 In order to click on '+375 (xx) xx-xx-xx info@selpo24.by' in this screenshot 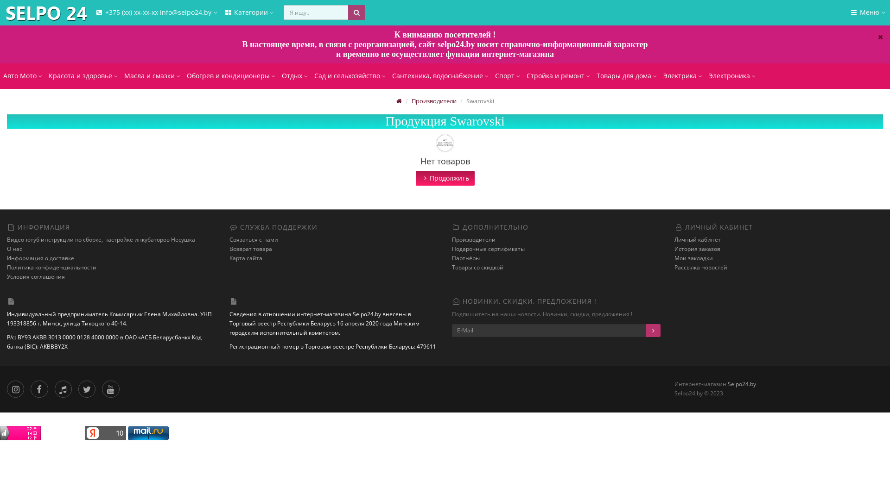, I will do `click(156, 12)`.